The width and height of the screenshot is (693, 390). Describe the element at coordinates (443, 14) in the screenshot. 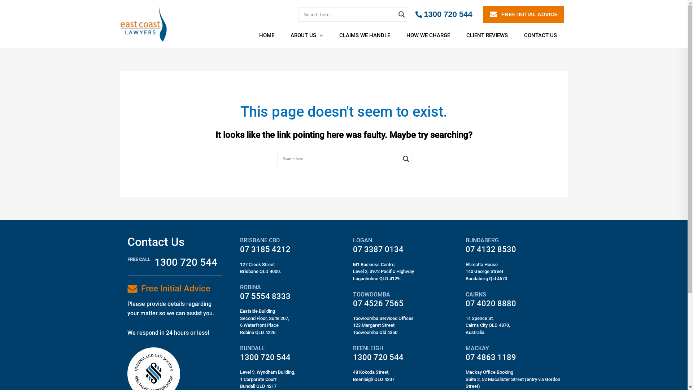

I see `'1300 720 544'` at that location.